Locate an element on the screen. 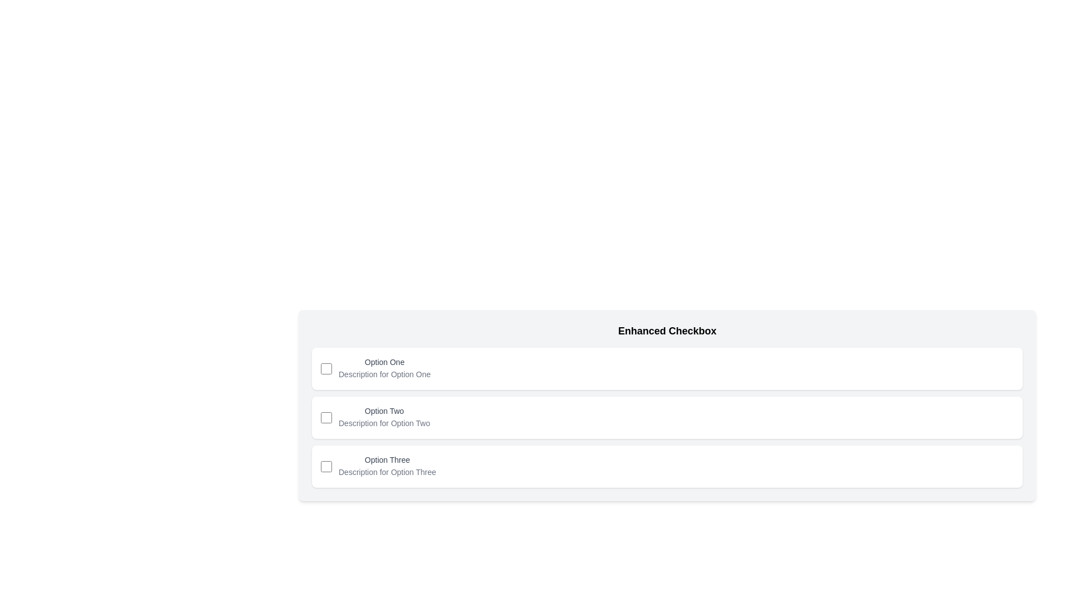 The image size is (1066, 600). the text label displaying 'Description for Option Three', which is positioned below the 'Option Three' label in the third checkbox option row is located at coordinates (387, 472).